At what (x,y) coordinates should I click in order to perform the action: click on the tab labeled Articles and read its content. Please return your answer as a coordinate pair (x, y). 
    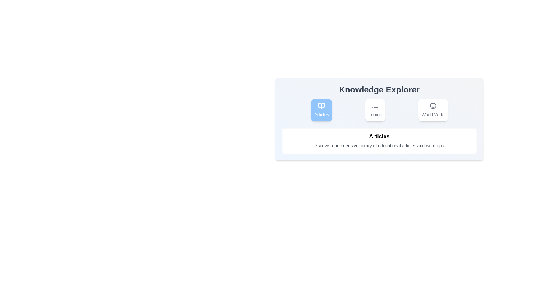
    Looking at the image, I should click on (322, 110).